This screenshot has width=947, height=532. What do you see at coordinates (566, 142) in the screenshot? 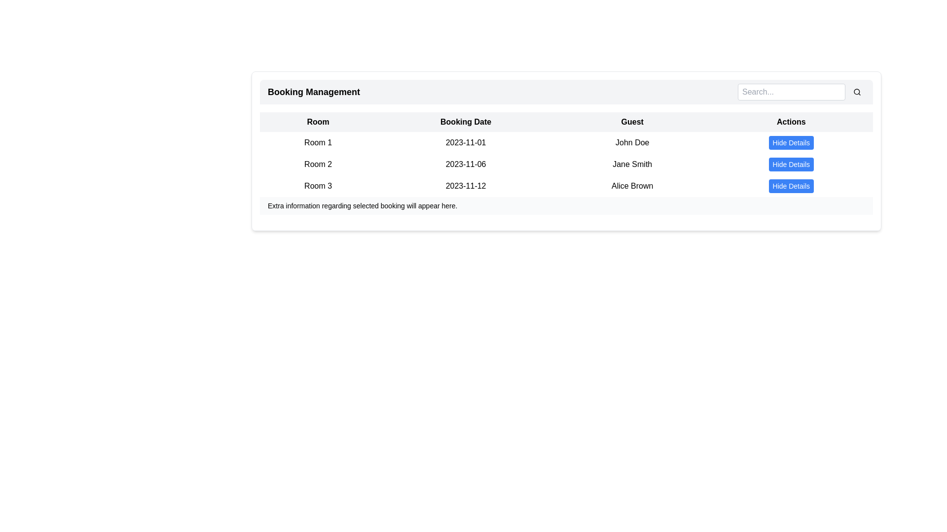
I see `the first row in the booking table that displays information about 'Room 1', '2023-11-01', 'John Doe', featuring a 'Hide Details' button` at bounding box center [566, 142].